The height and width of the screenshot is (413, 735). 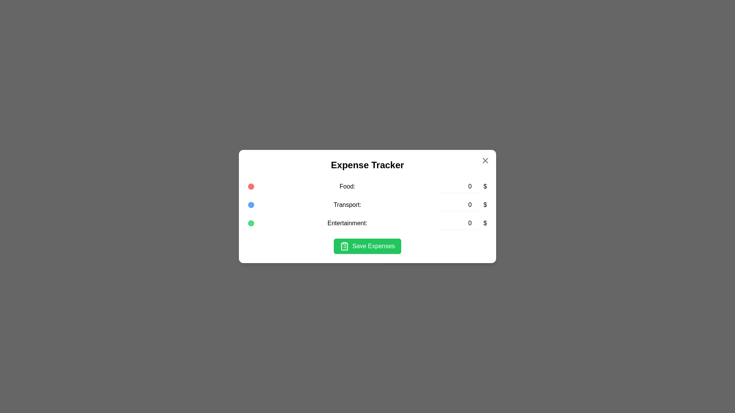 What do you see at coordinates (459, 205) in the screenshot?
I see `the expense amount for the 'Transport' category to 2853` at bounding box center [459, 205].